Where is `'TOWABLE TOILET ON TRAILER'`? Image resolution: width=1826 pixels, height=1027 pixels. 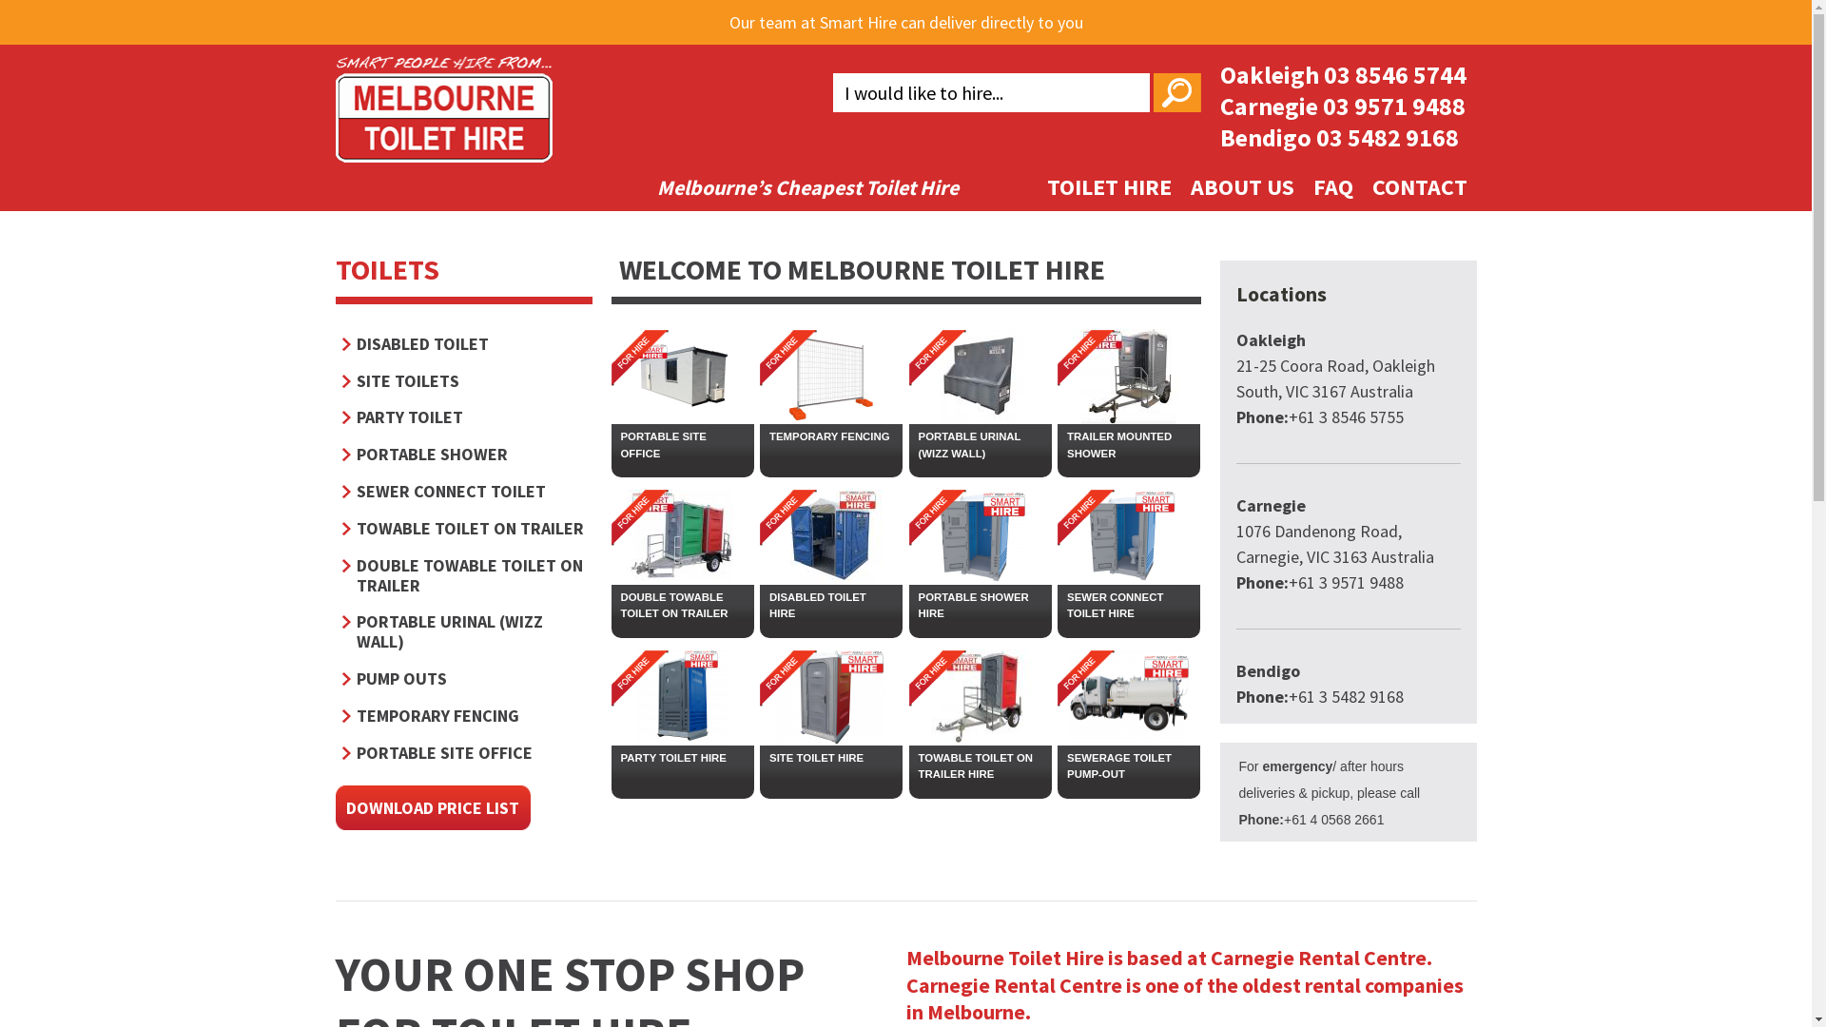
'TOWABLE TOILET ON TRAILER' is located at coordinates (464, 528).